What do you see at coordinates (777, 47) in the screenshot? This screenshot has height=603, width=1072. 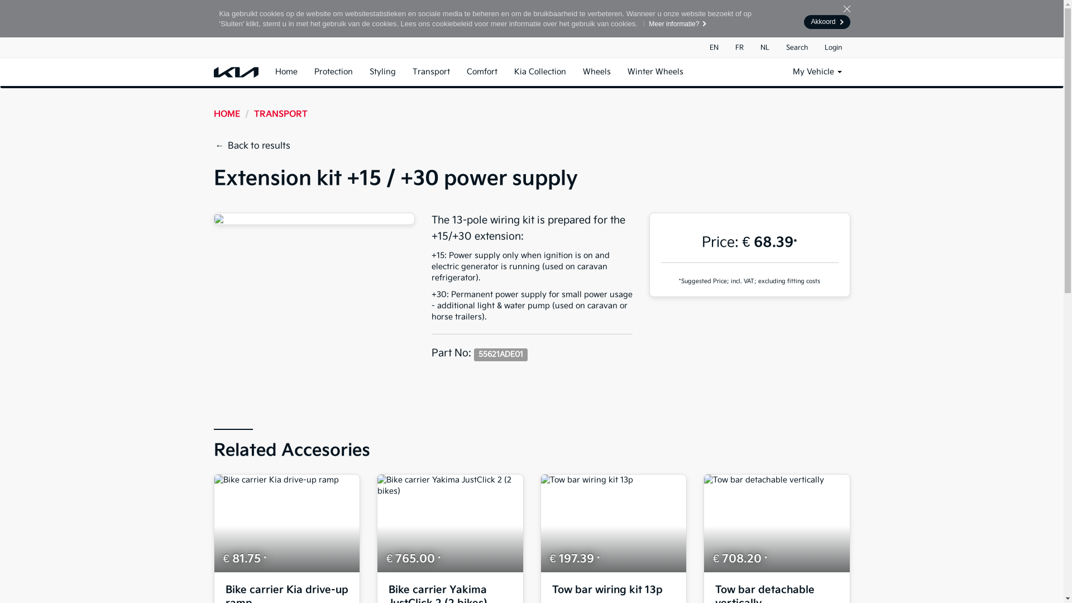 I see `'Search'` at bounding box center [777, 47].